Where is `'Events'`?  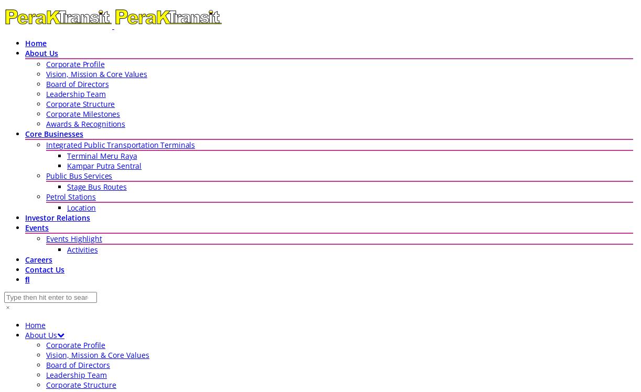
'Events' is located at coordinates (36, 227).